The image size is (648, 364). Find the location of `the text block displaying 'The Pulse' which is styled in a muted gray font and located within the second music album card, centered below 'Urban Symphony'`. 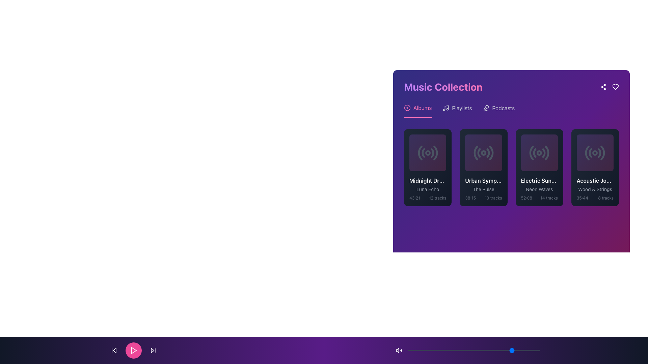

the text block displaying 'The Pulse' which is styled in a muted gray font and located within the second music album card, centered below 'Urban Symphony' is located at coordinates (483, 189).